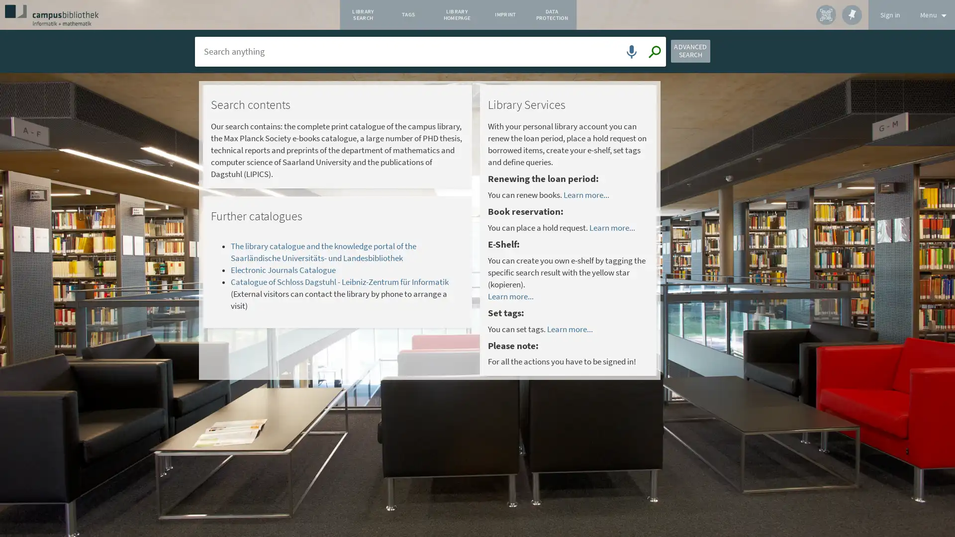 The width and height of the screenshot is (955, 537). Describe the element at coordinates (629, 55) in the screenshot. I see `Open voice search` at that location.